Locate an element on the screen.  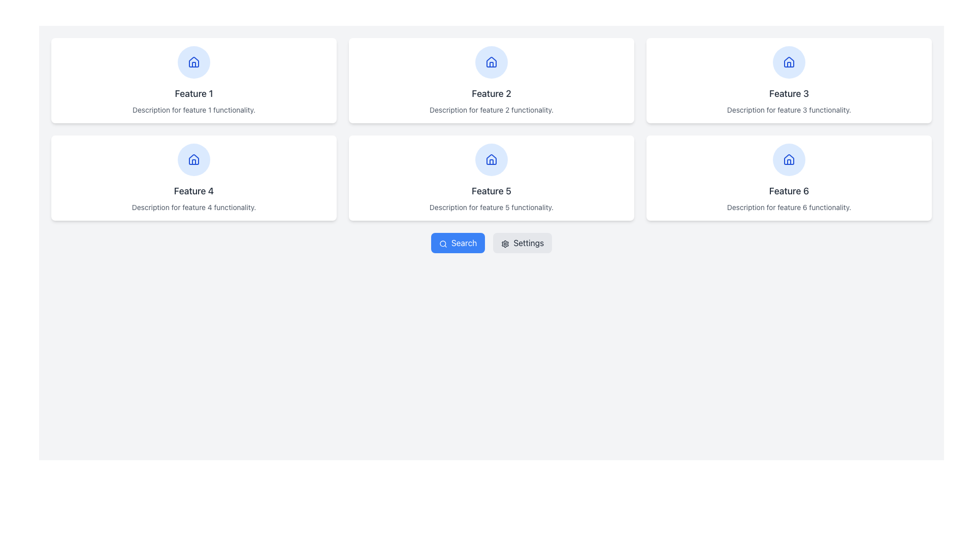
the 'house' icon located in the center column of the second row within the 'Feature 5' section is located at coordinates (492, 159).